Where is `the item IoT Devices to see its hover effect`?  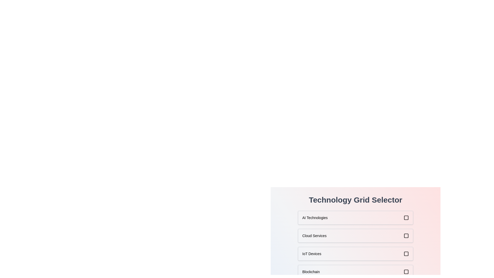
the item IoT Devices to see its hover effect is located at coordinates (355, 254).